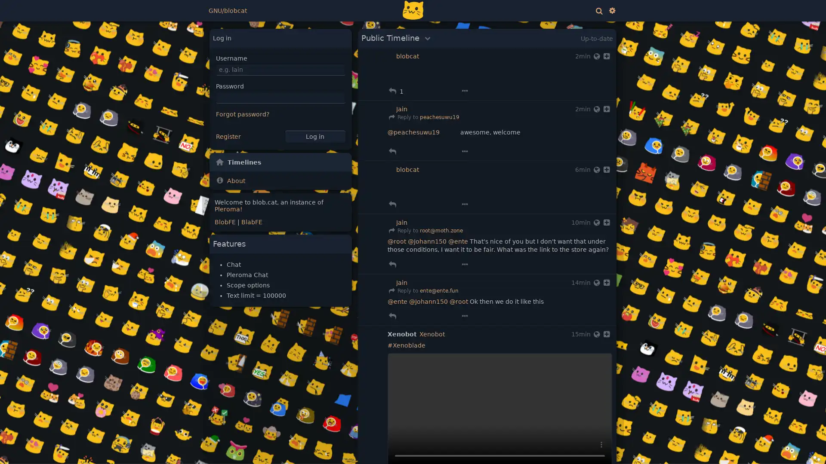 The image size is (826, 464). What do you see at coordinates (314, 136) in the screenshot?
I see `Log in` at bounding box center [314, 136].